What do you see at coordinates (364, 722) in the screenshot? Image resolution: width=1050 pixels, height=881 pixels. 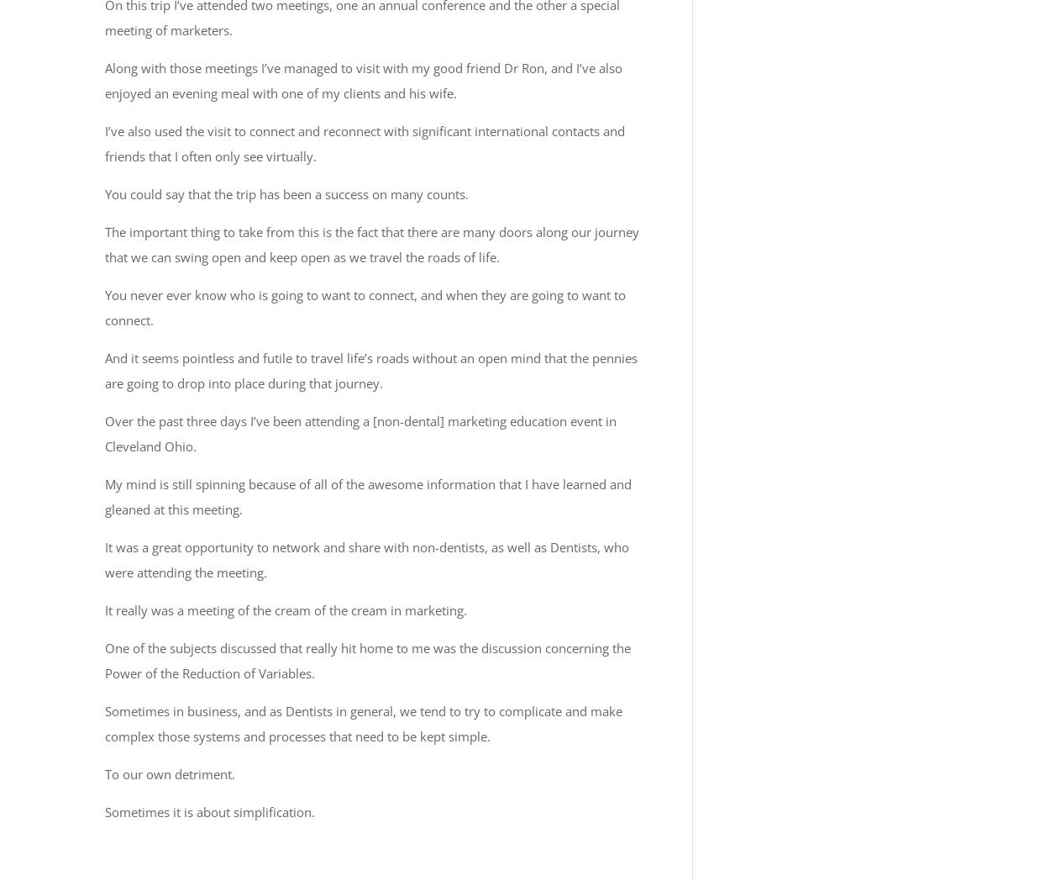 I see `'Sometimes in business, and as Dentists in general, we tend to try to complicate and make complex those systems and processes that need to be kept simple.'` at bounding box center [364, 722].